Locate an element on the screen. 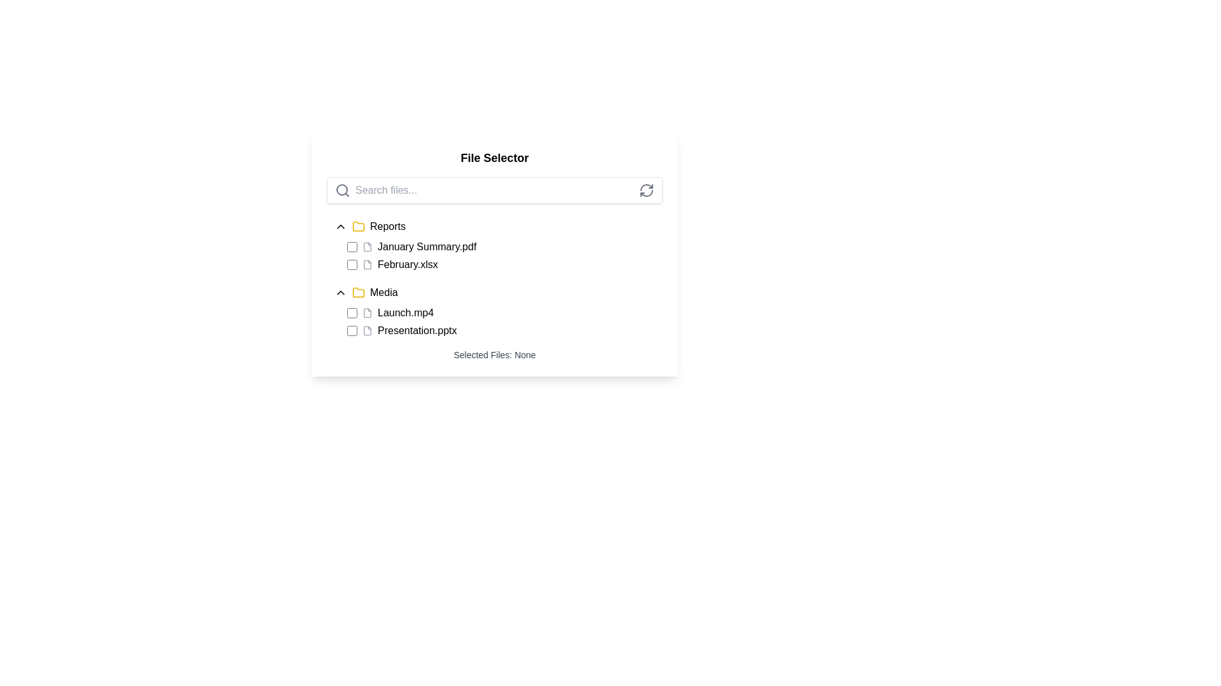  the checkbox located to the left of the text 'January Summary.pdf' in the 'Reports' section is located at coordinates (352, 247).